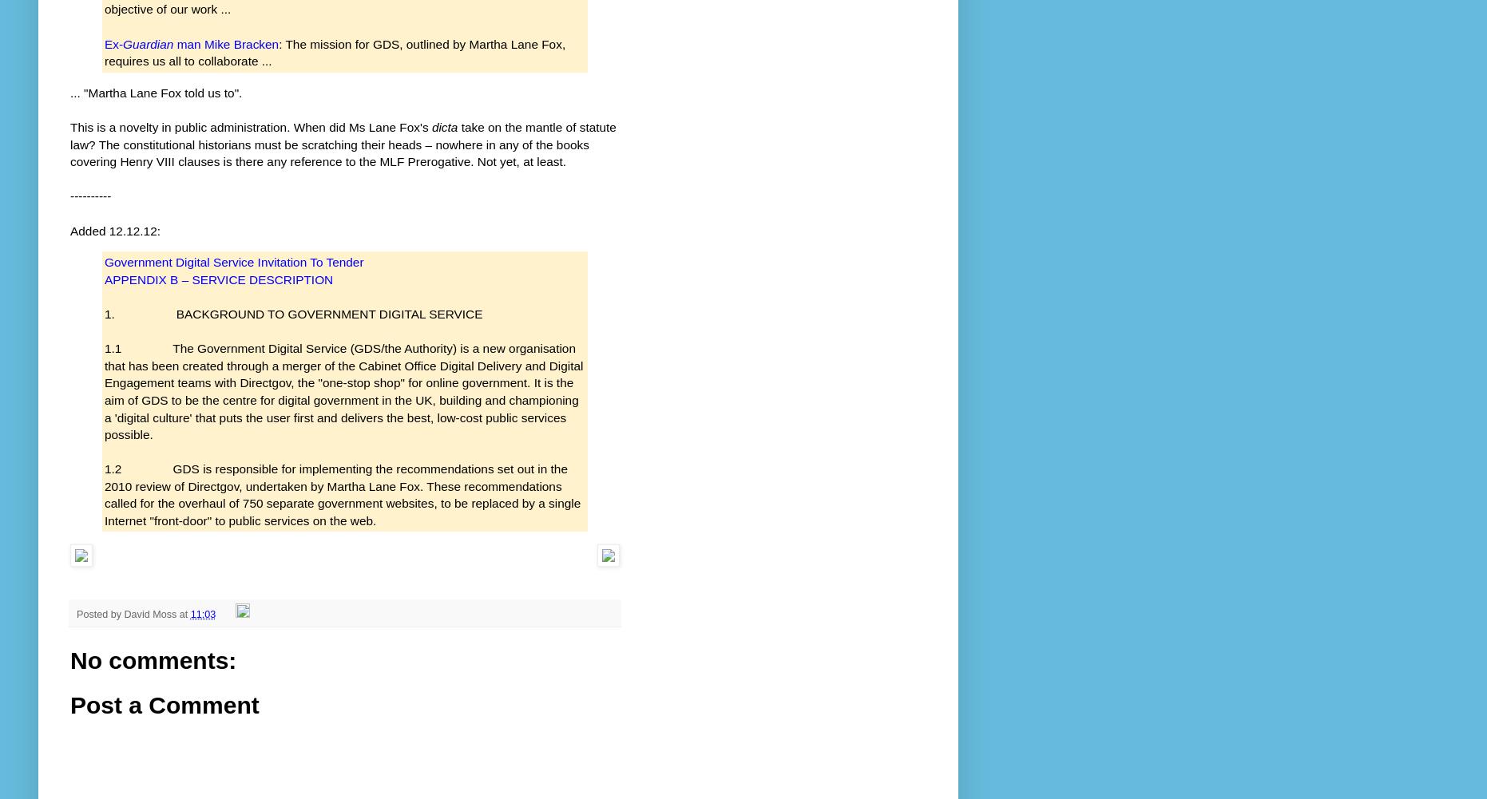 The image size is (1487, 799). I want to click on 'Guardian', so click(147, 43).